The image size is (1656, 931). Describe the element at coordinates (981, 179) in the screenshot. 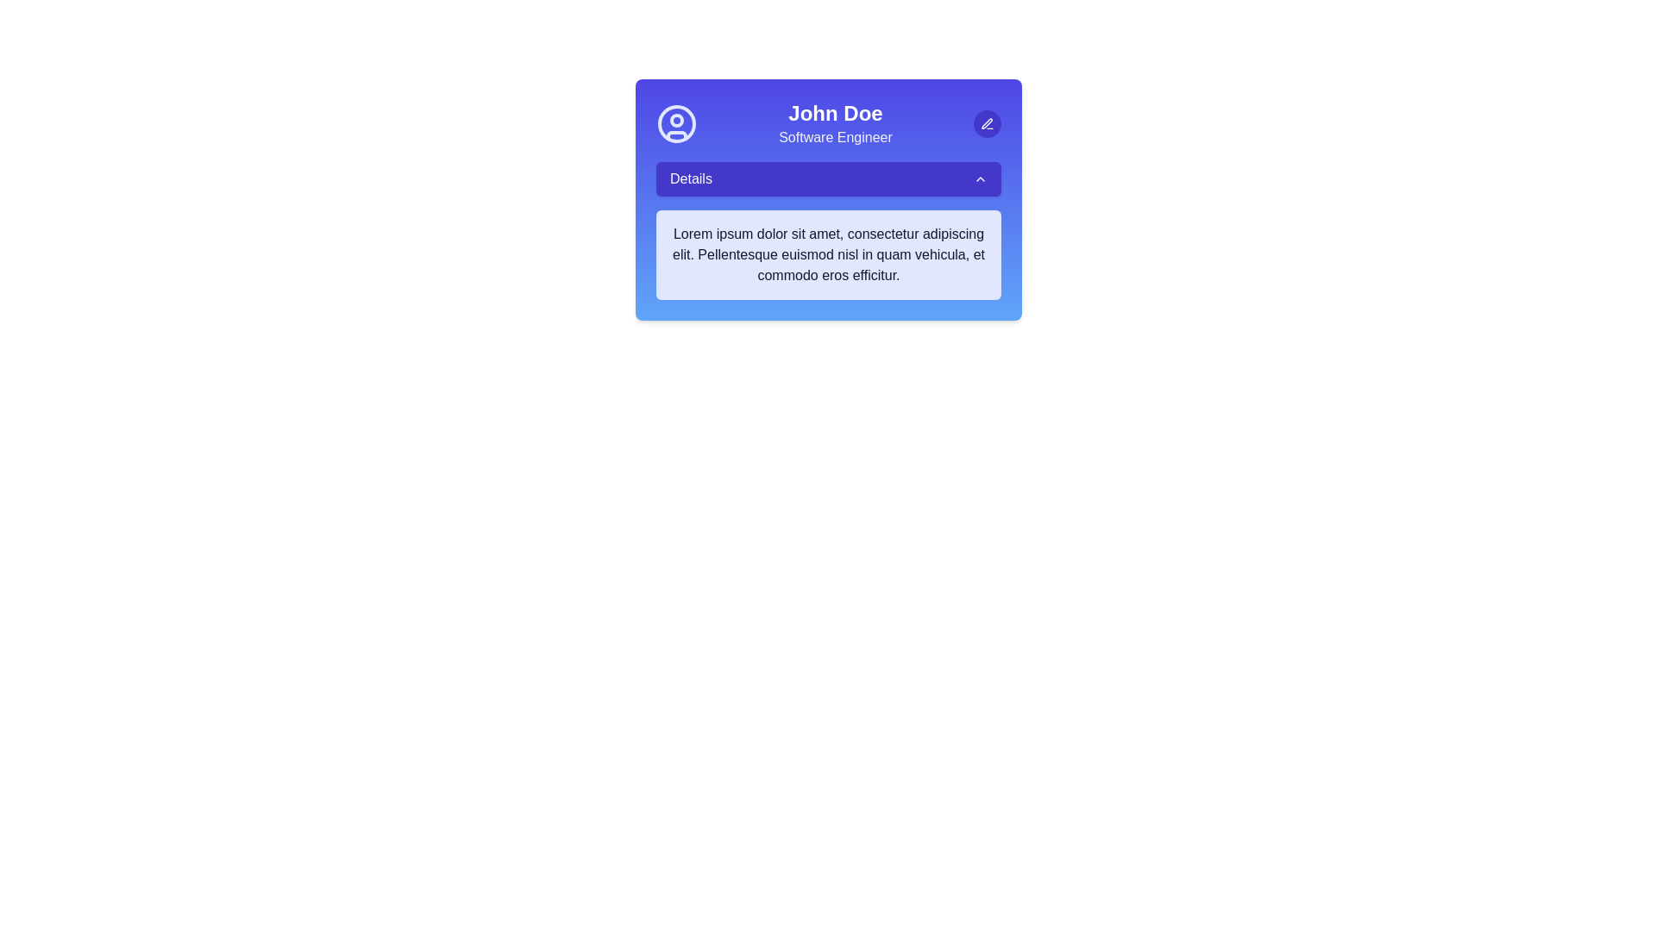

I see `the upward-pointing chevron icon located at the right edge of the 'Details' button` at that location.